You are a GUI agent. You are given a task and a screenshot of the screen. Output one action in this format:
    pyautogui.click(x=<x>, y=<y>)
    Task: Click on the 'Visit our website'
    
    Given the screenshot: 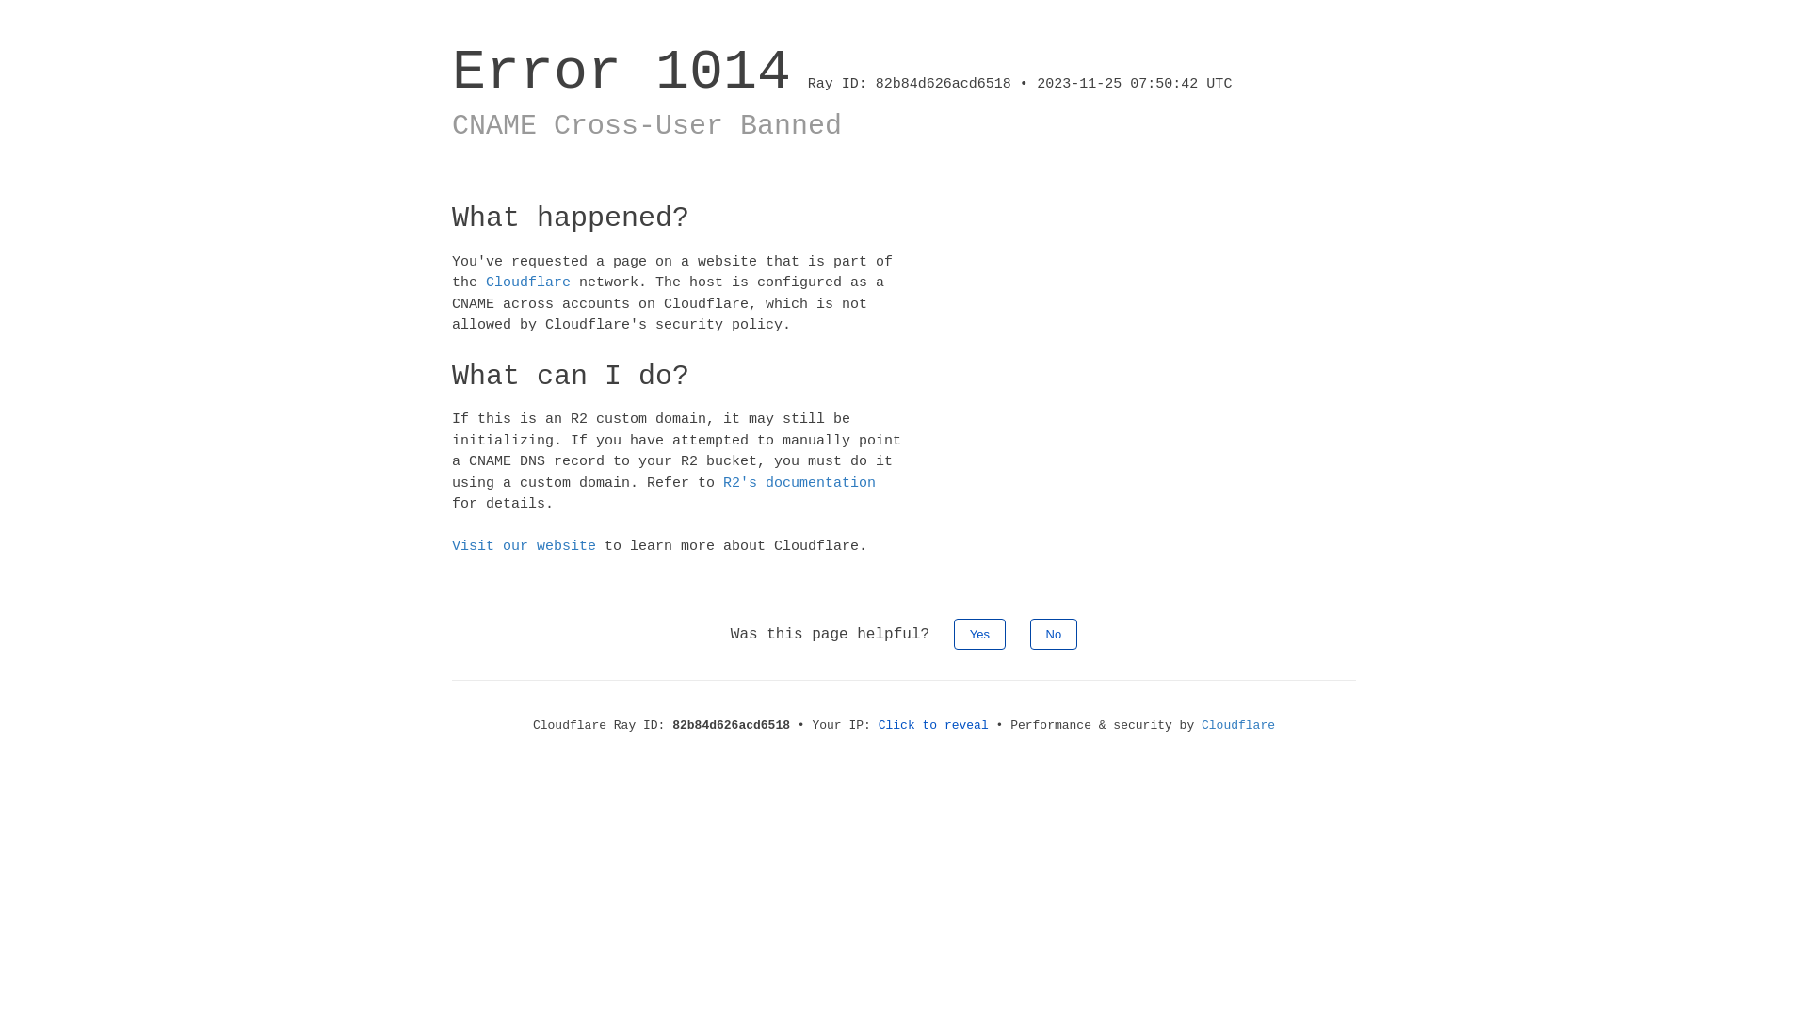 What is the action you would take?
    pyautogui.click(x=524, y=546)
    